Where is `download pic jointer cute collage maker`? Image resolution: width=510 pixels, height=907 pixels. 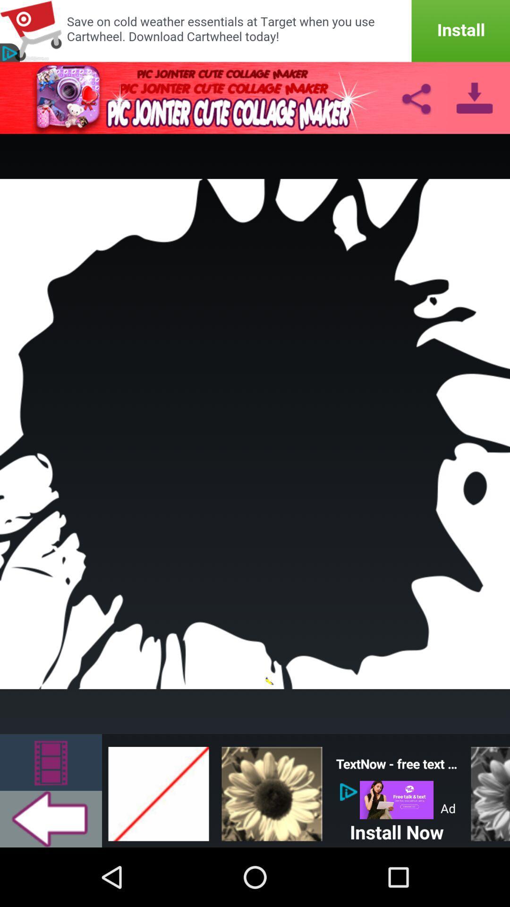
download pic jointer cute collage maker is located at coordinates (475, 97).